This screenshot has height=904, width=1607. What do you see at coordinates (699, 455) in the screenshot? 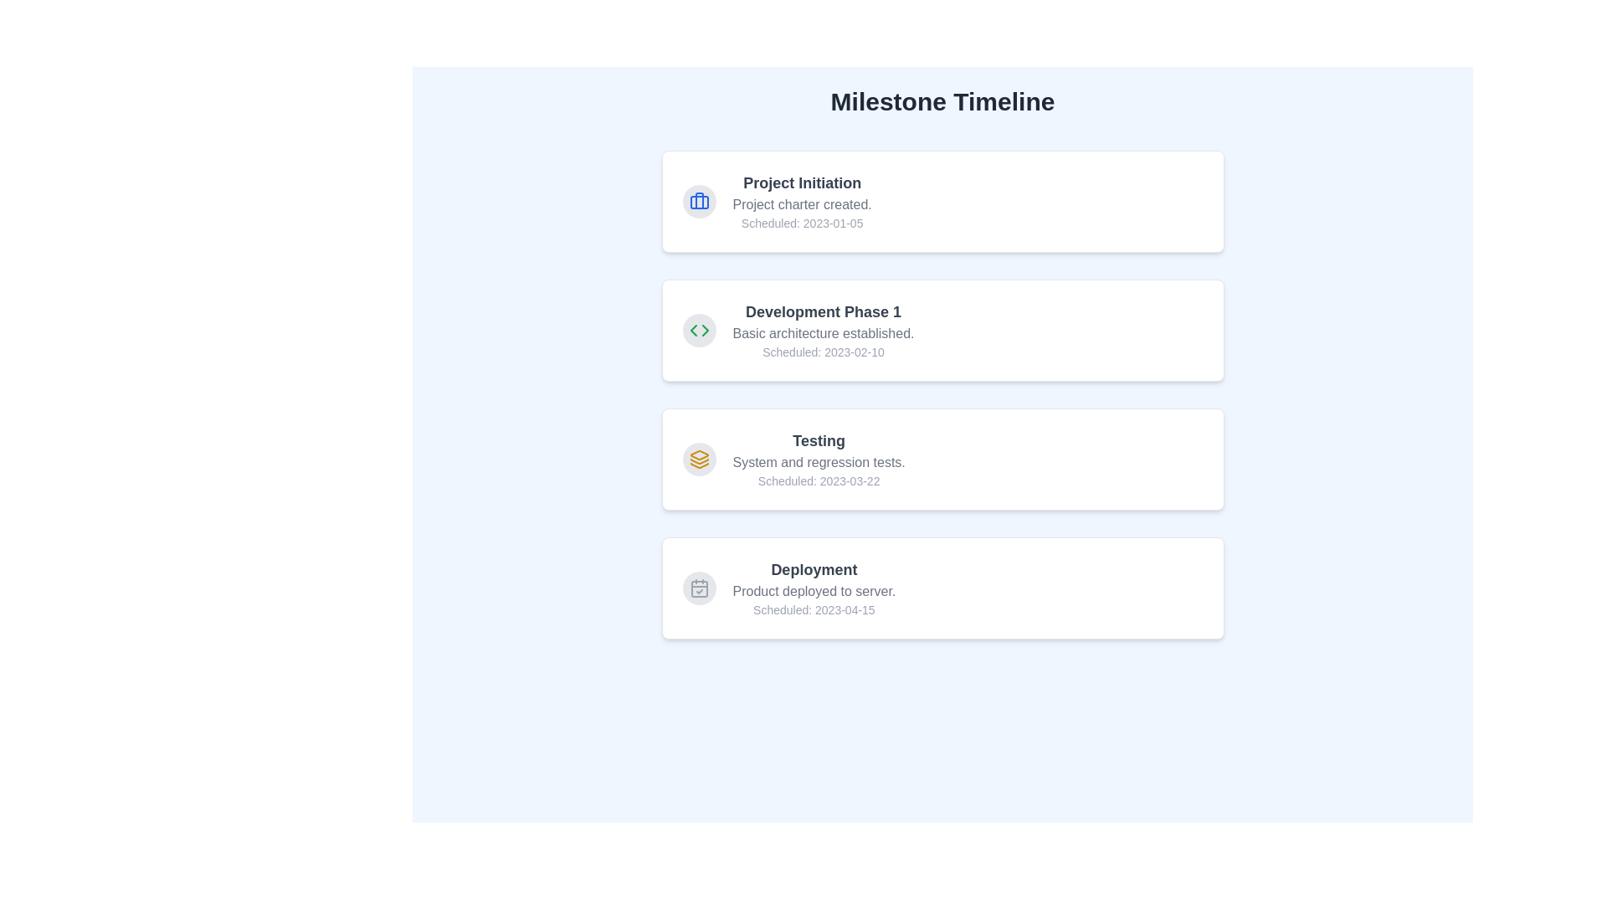
I see `the top-most triangular yellow icon representing the 'Development Phase 1' milestone in the SVG timeline` at bounding box center [699, 455].